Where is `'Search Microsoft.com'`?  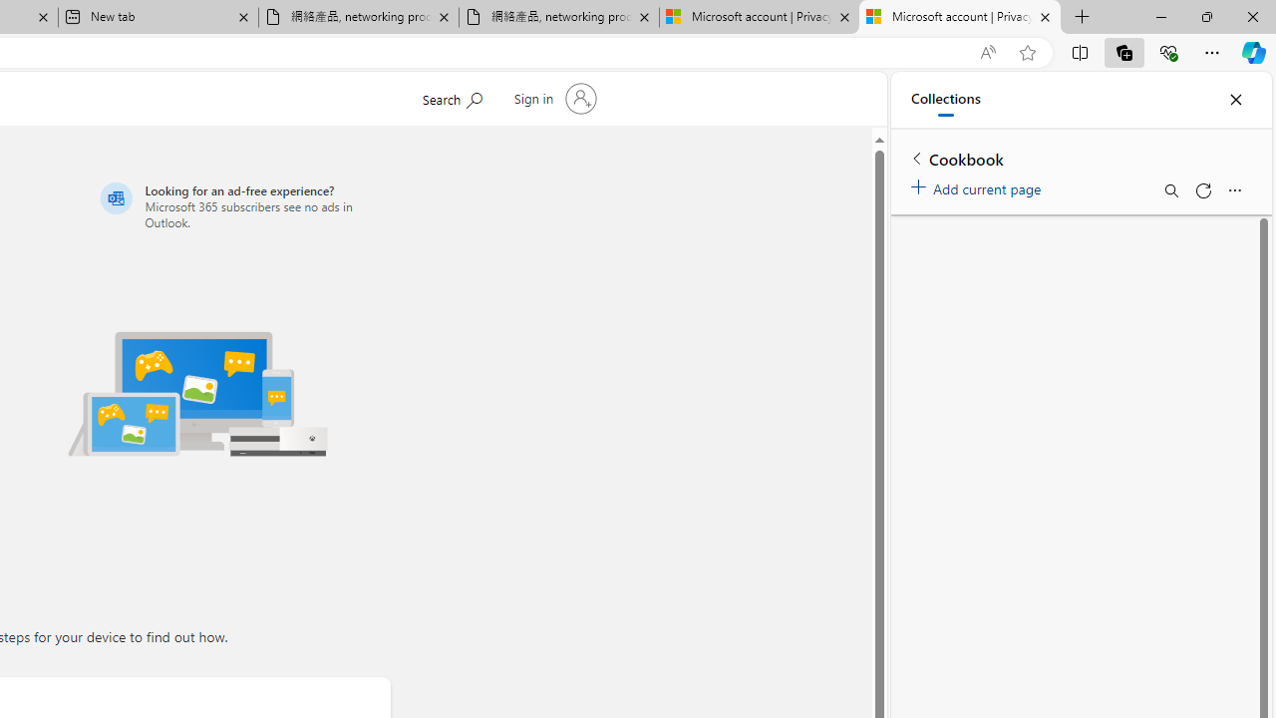
'Search Microsoft.com' is located at coordinates (451, 97).